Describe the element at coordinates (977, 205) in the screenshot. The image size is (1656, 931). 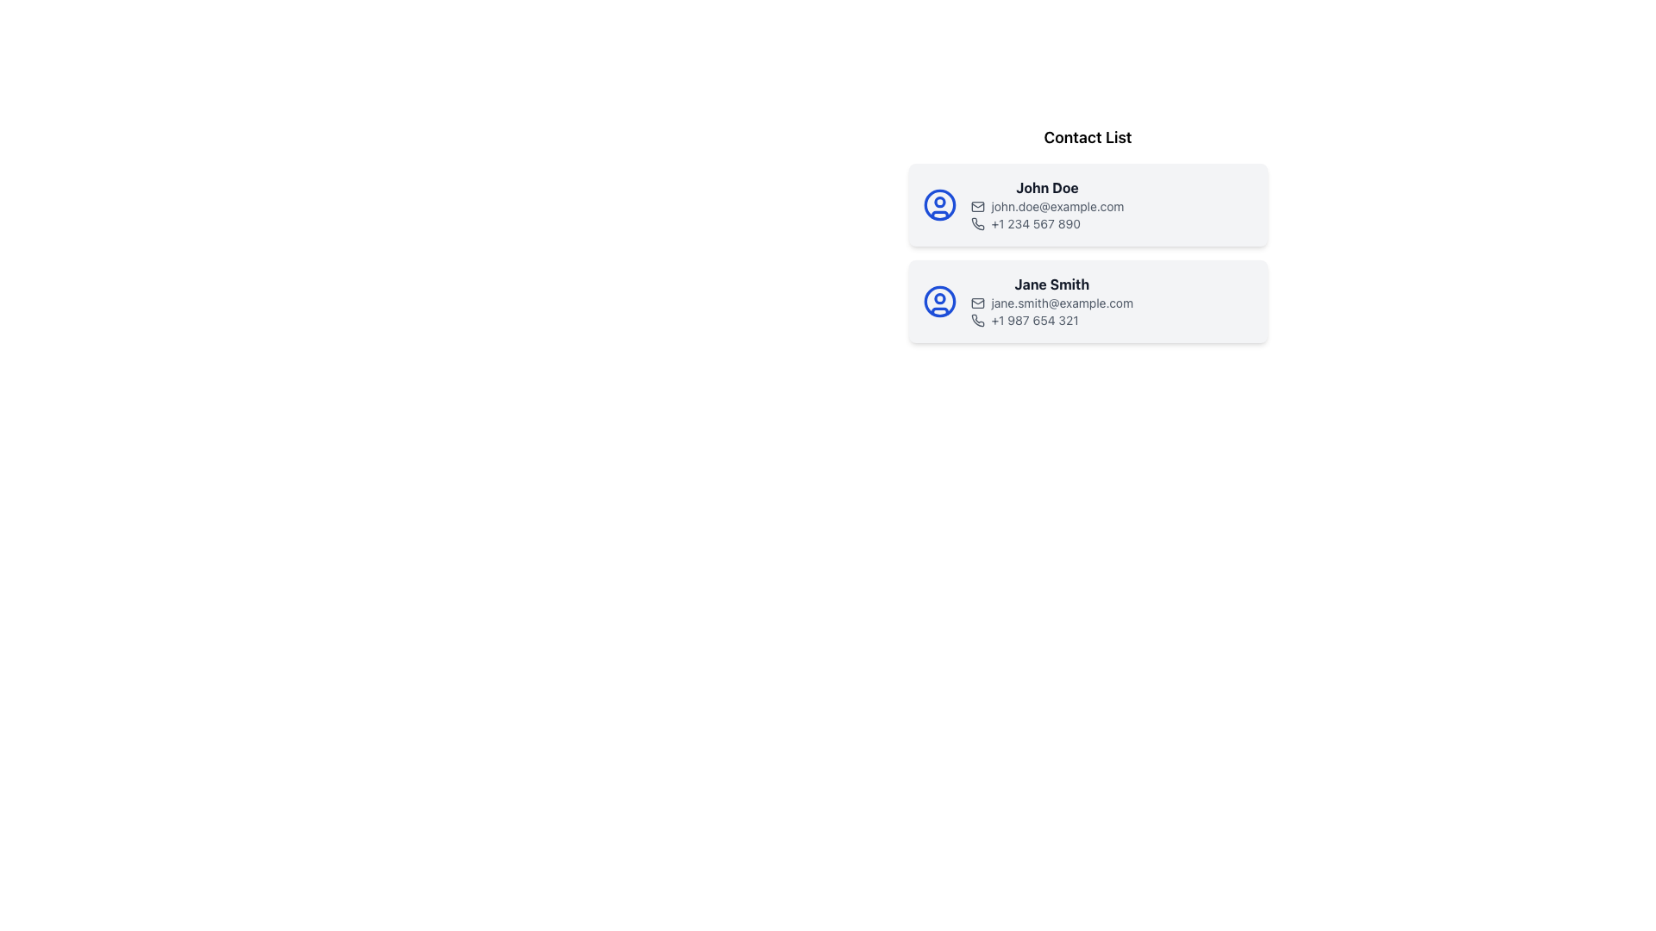
I see `the icon that represents the email address for John Doe, located to the left of the text 'john.doe@example.com' within the contact card` at that location.